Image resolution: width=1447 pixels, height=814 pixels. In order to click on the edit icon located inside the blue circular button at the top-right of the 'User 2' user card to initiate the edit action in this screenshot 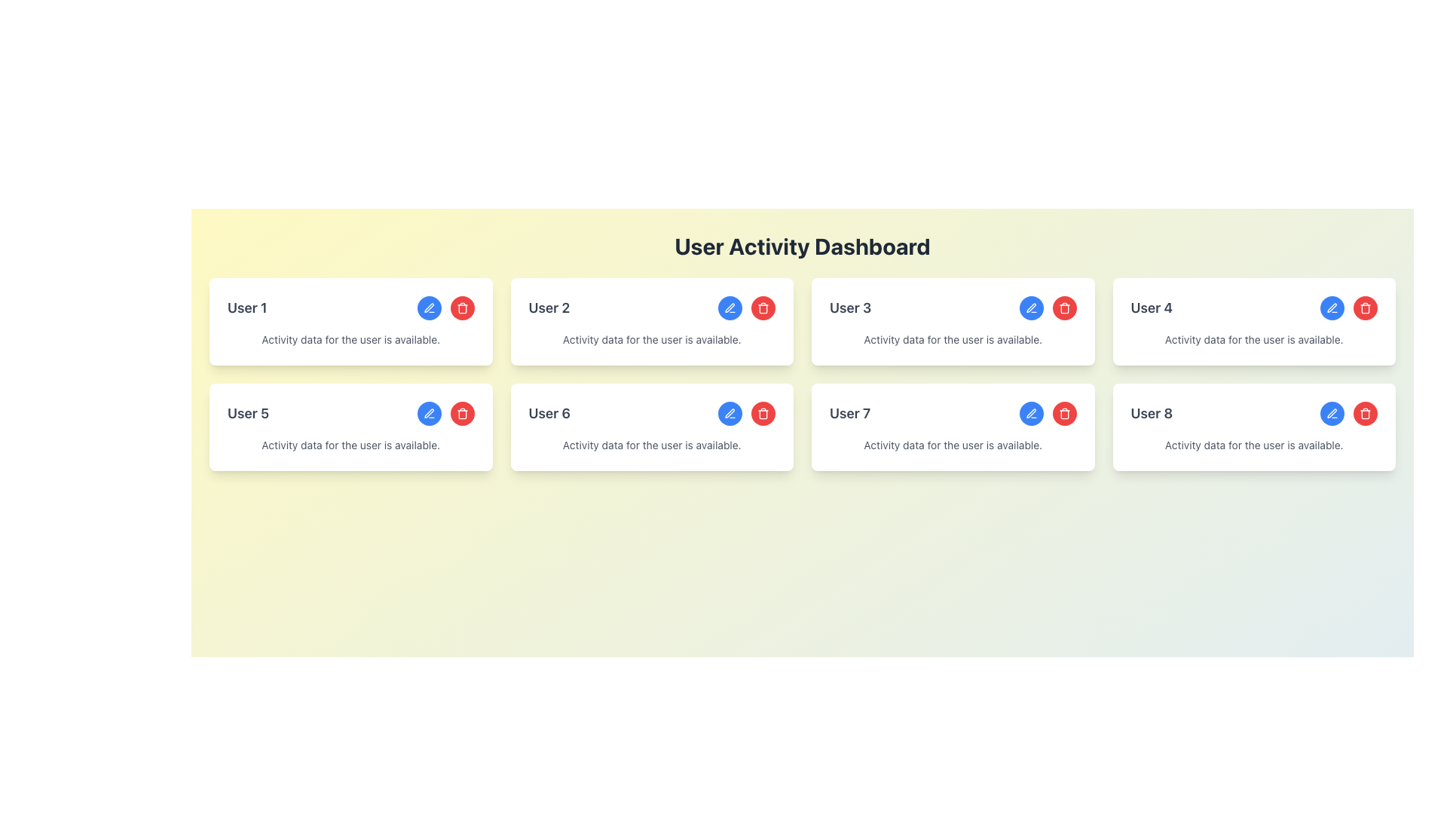, I will do `click(730, 307)`.